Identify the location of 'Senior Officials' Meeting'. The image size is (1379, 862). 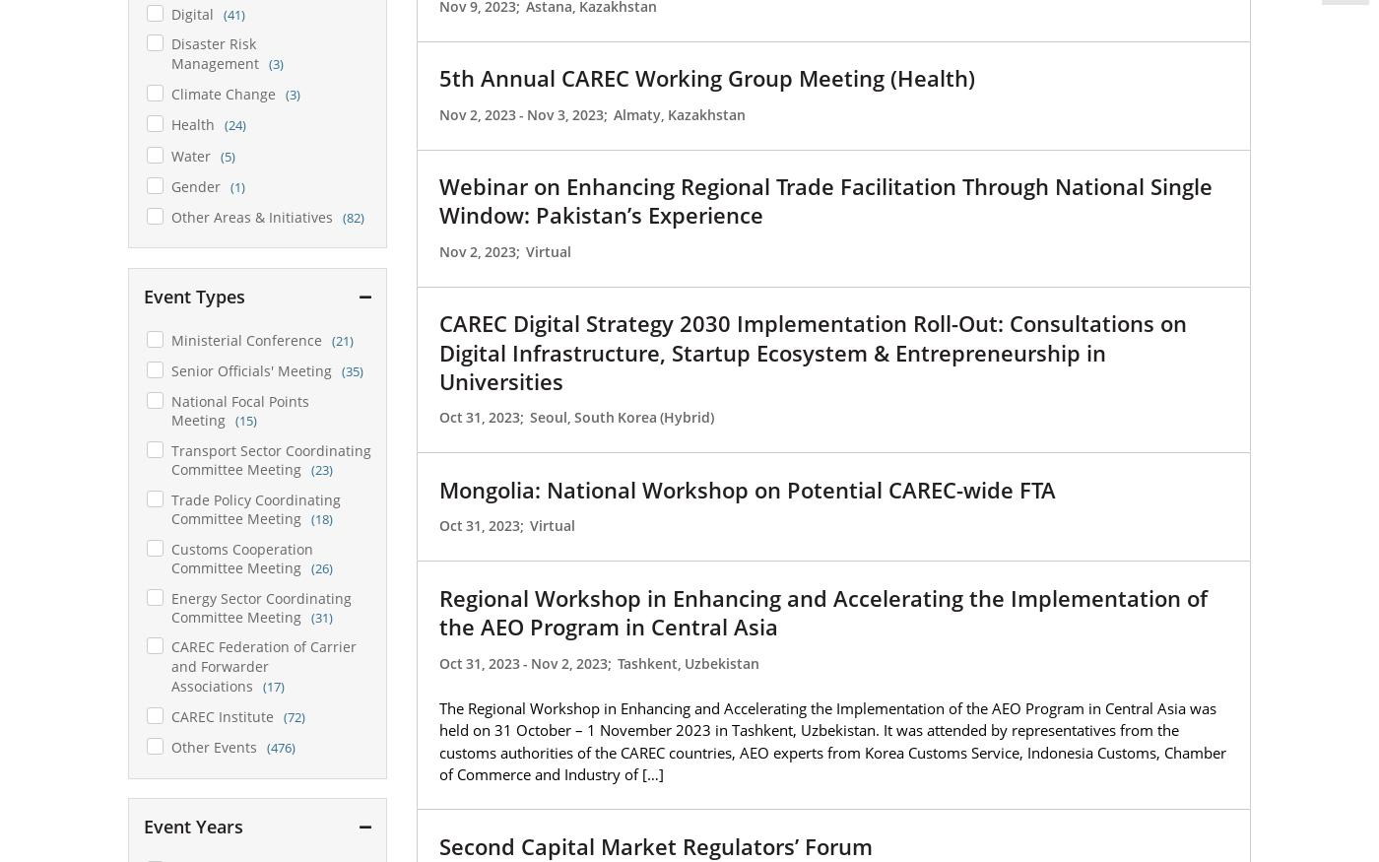
(250, 369).